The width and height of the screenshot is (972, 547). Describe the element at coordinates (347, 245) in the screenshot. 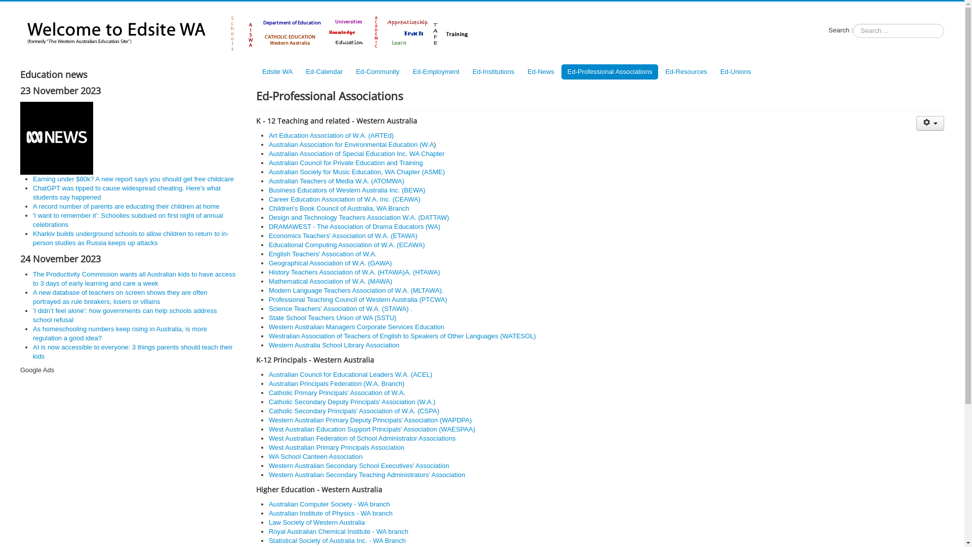

I see `'Educational Computing Association of W.A. (ECAWA)'` at that location.